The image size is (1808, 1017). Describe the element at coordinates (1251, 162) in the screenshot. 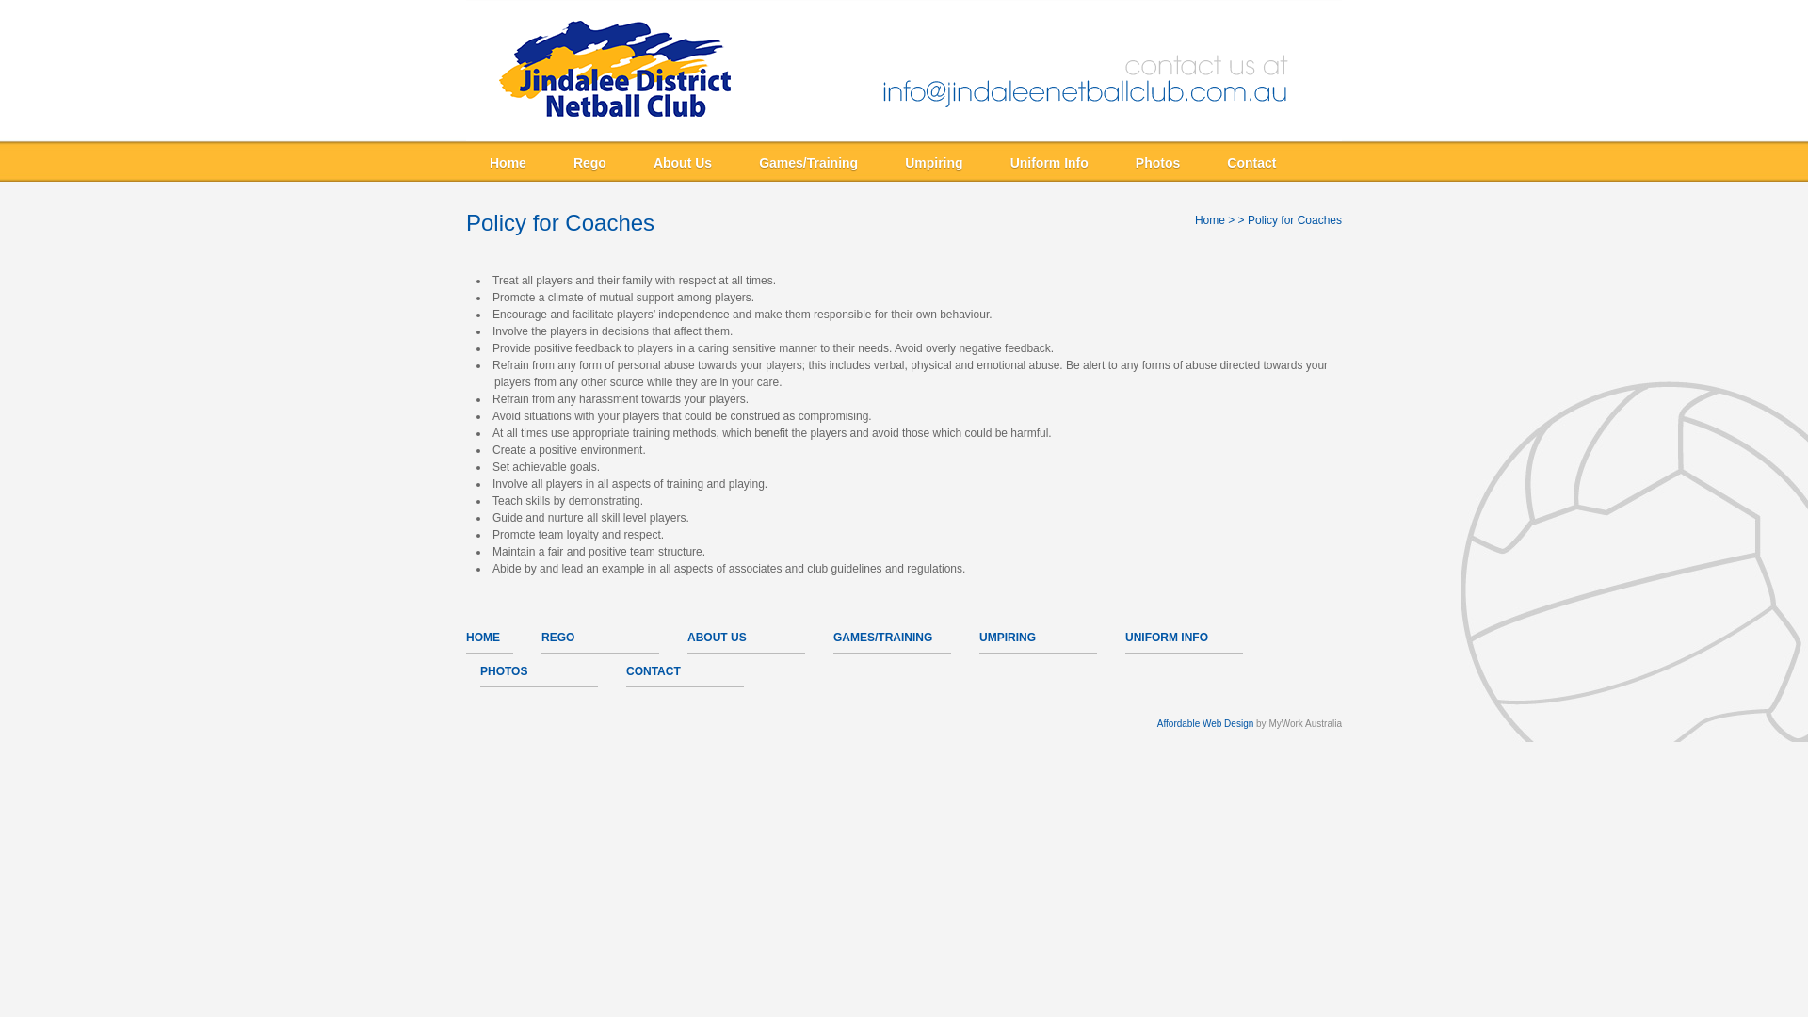

I see `'Contact'` at that location.